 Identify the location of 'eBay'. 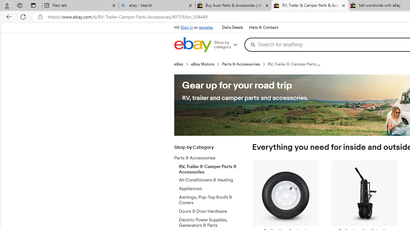
(179, 64).